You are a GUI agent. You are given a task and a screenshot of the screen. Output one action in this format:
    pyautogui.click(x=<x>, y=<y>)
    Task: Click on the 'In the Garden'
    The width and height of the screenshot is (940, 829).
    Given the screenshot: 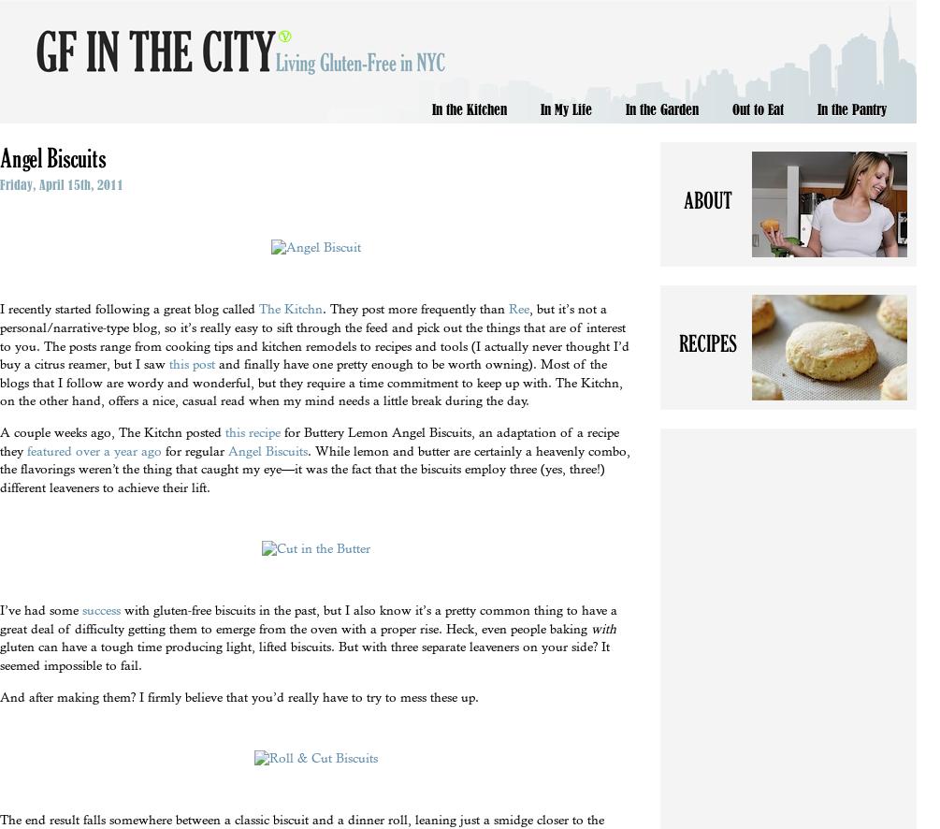 What is the action you would take?
    pyautogui.click(x=625, y=109)
    